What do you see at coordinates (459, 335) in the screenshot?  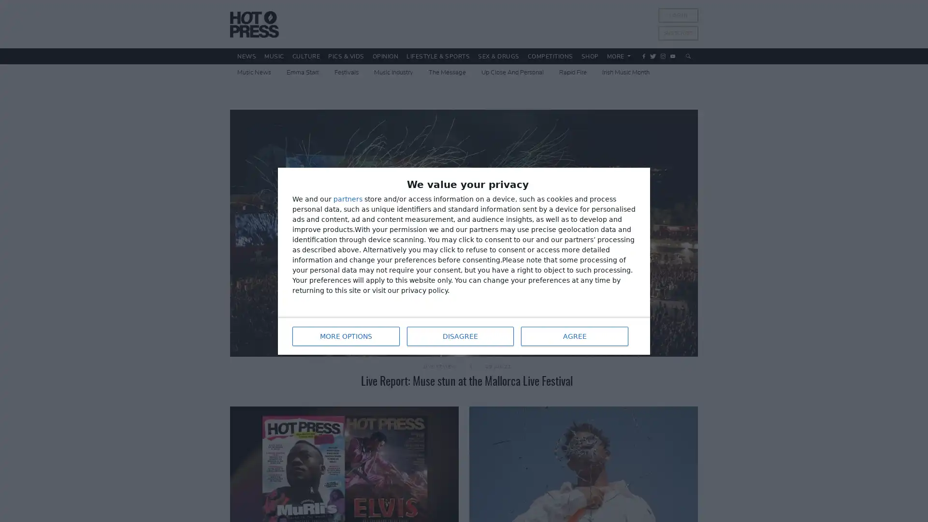 I see `DISAGREE` at bounding box center [459, 335].